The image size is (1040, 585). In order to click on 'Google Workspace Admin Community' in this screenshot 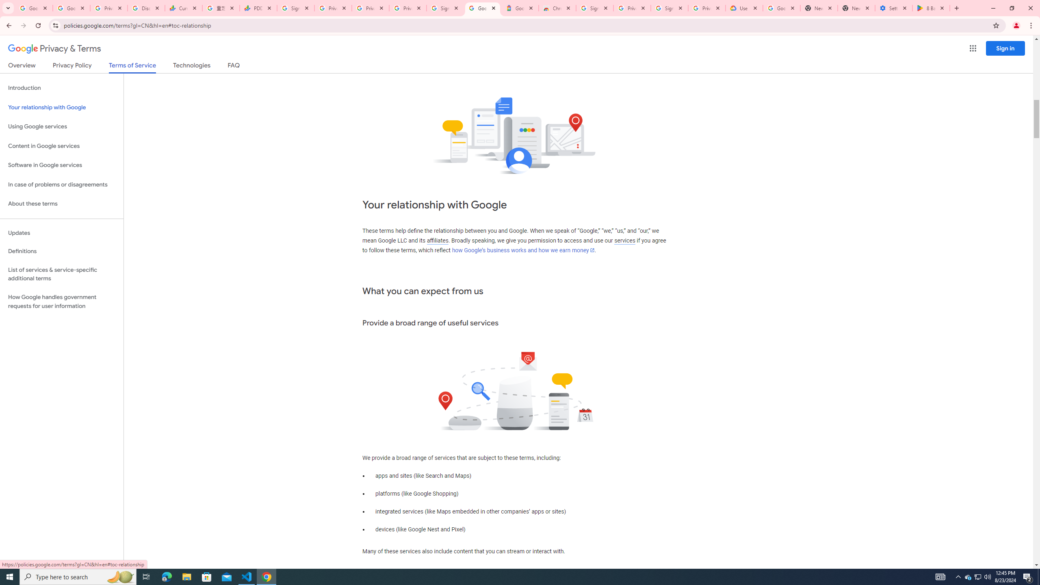, I will do `click(33, 8)`.